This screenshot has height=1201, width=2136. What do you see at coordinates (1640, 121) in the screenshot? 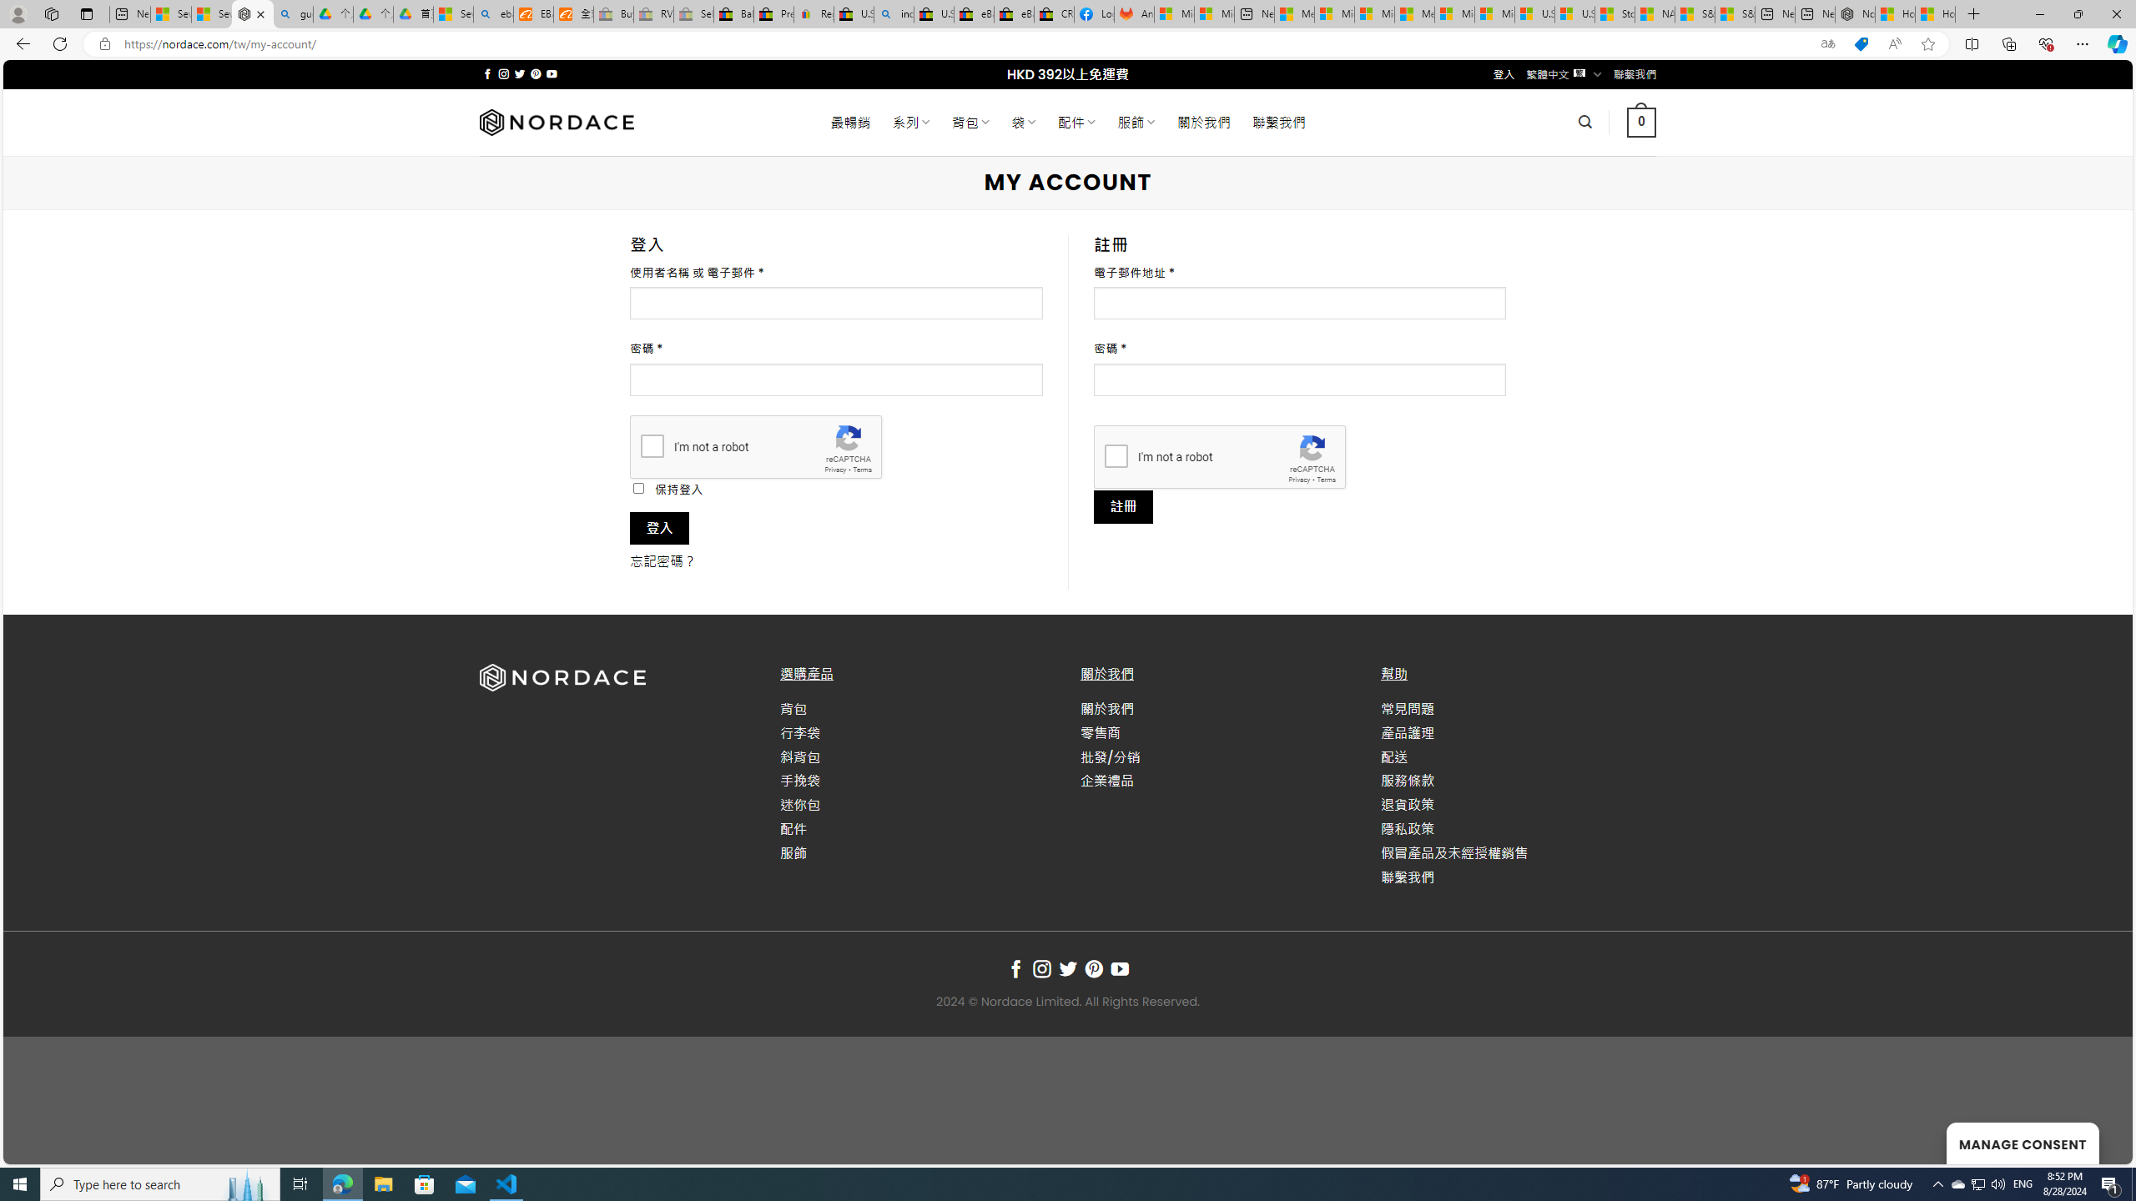
I see `' 0 '` at bounding box center [1640, 121].